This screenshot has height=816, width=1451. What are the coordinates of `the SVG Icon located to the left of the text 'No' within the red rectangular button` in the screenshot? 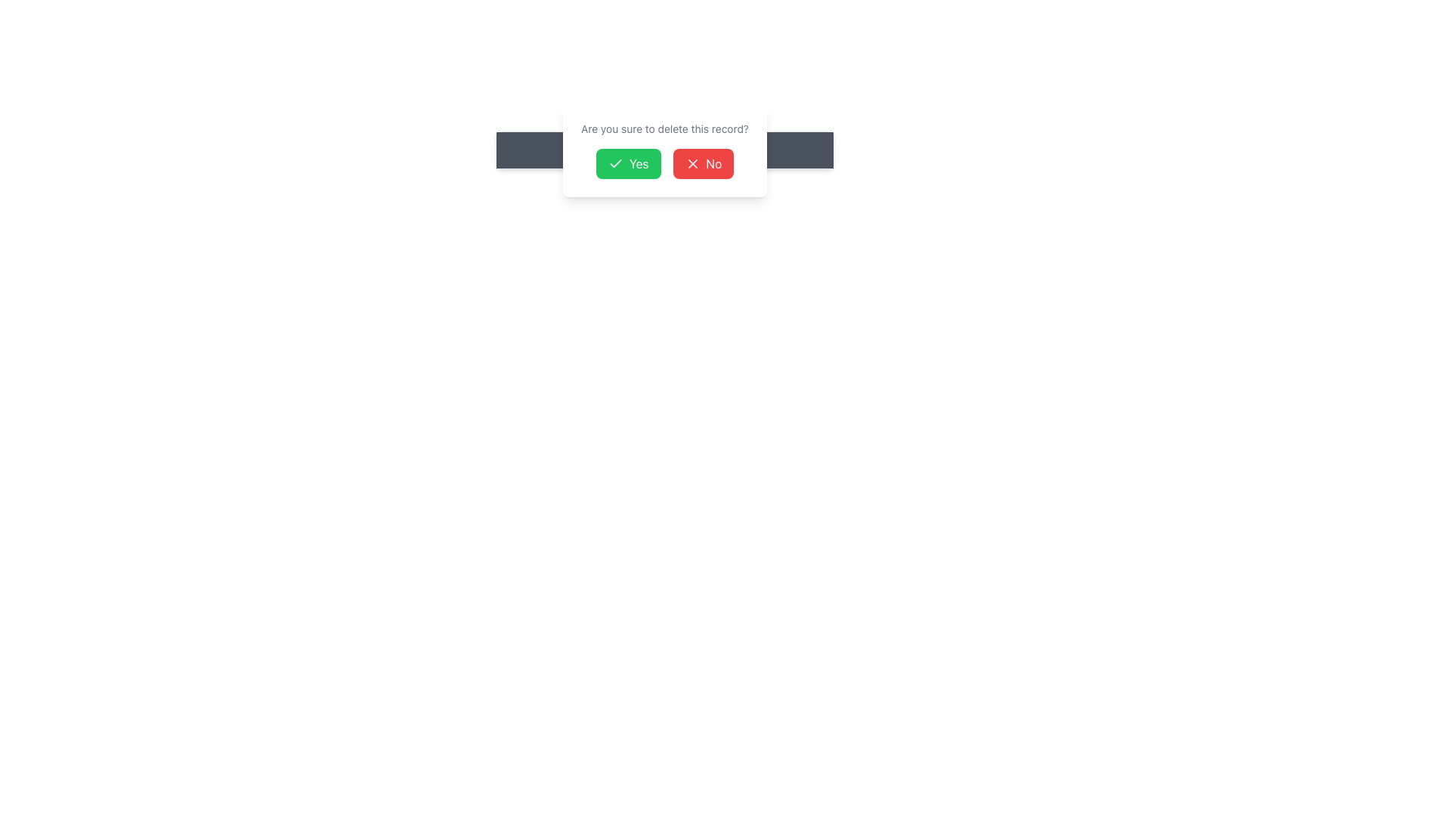 It's located at (691, 163).